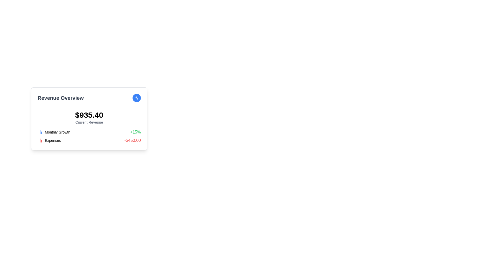 The height and width of the screenshot is (280, 498). Describe the element at coordinates (137, 98) in the screenshot. I see `the icon located inside the blue button at the top-right corner of the 'Revenue Overview' card` at that location.